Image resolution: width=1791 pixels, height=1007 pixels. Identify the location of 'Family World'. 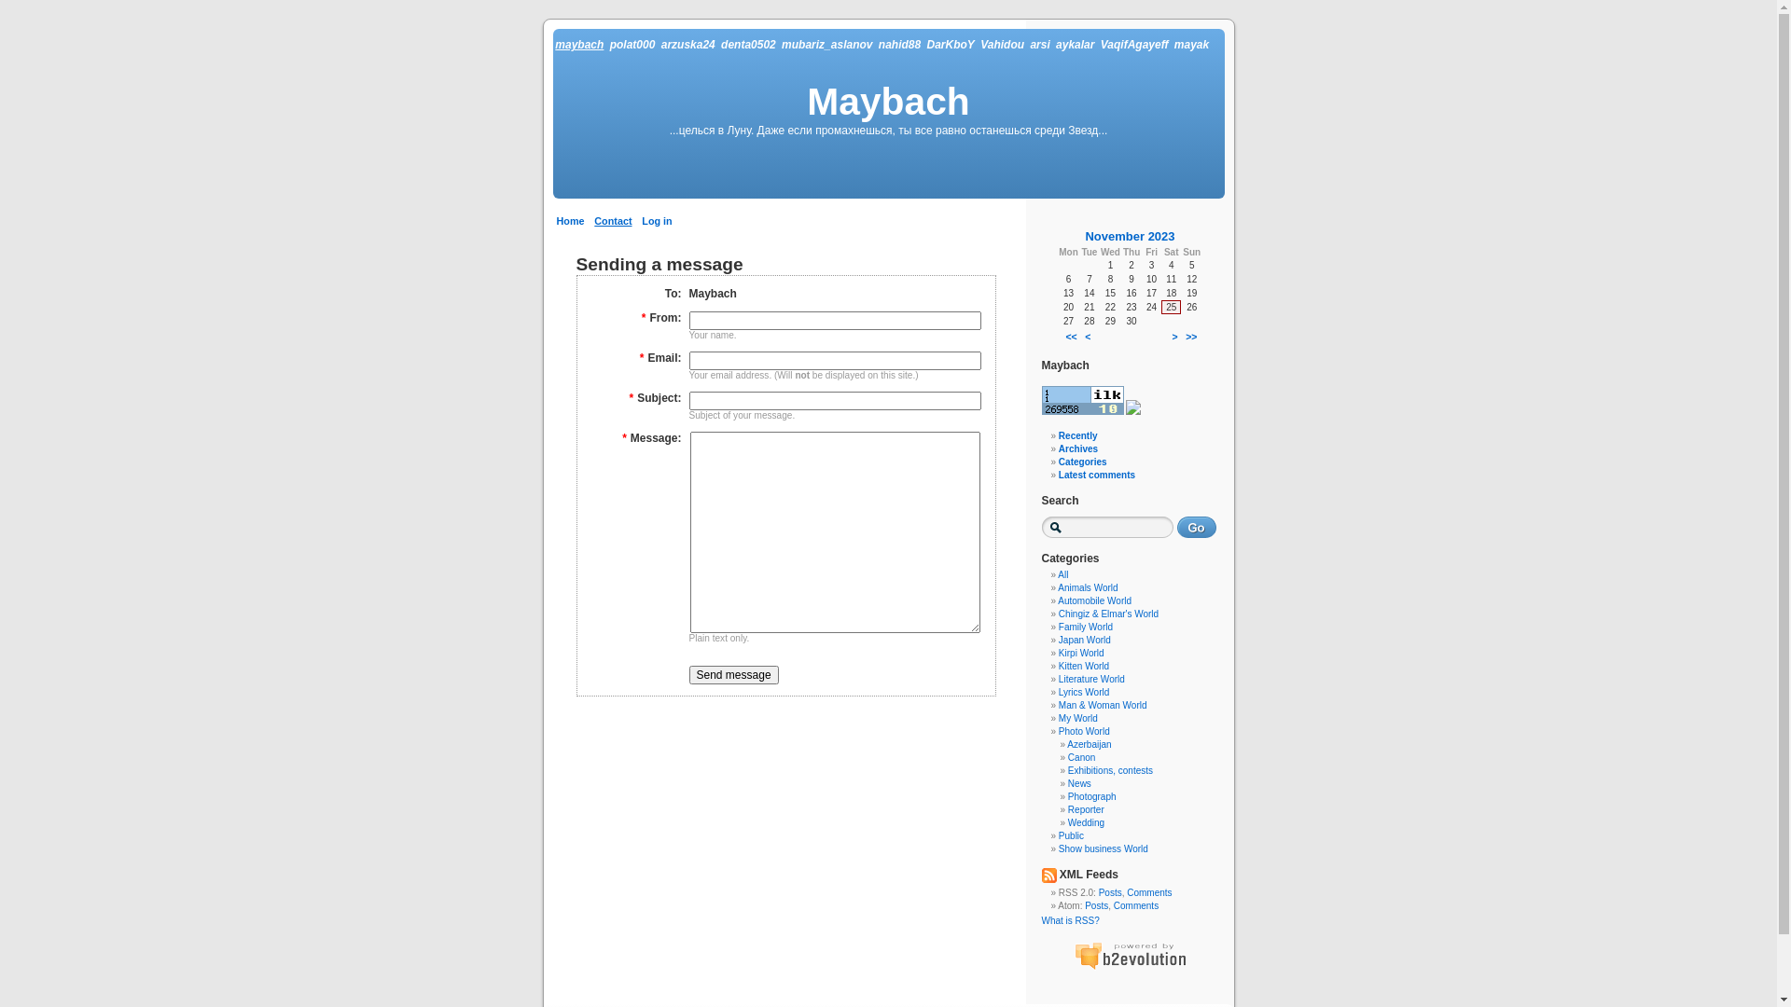
(1085, 627).